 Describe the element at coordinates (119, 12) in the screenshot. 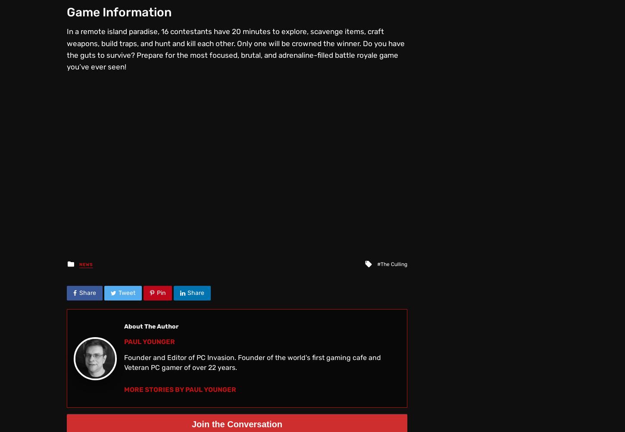

I see `'Game Information'` at that location.